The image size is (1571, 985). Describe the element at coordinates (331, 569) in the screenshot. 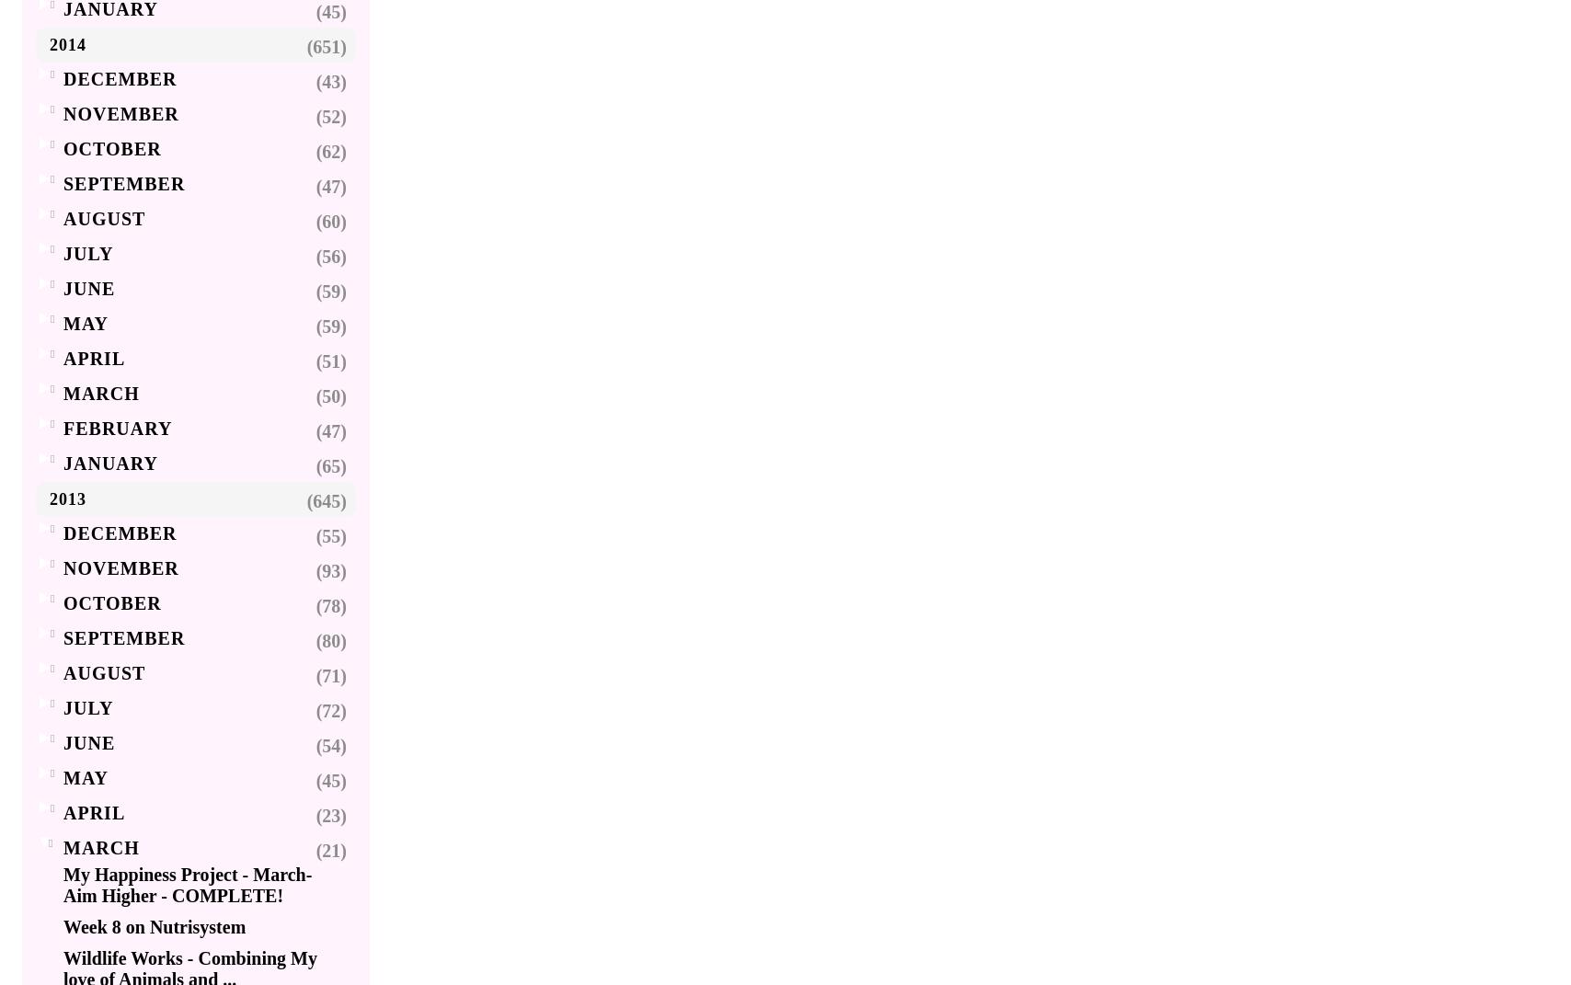

I see `'(93)'` at that location.